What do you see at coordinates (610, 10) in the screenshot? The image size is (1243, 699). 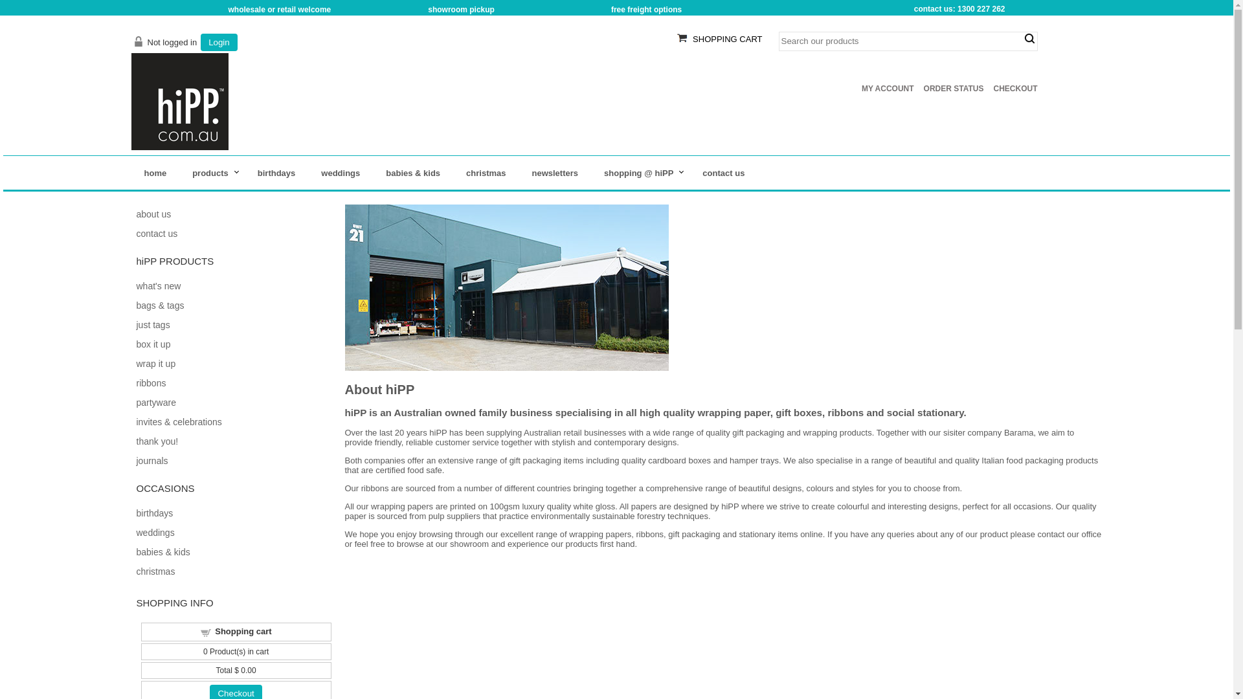 I see `'free freight options'` at bounding box center [610, 10].